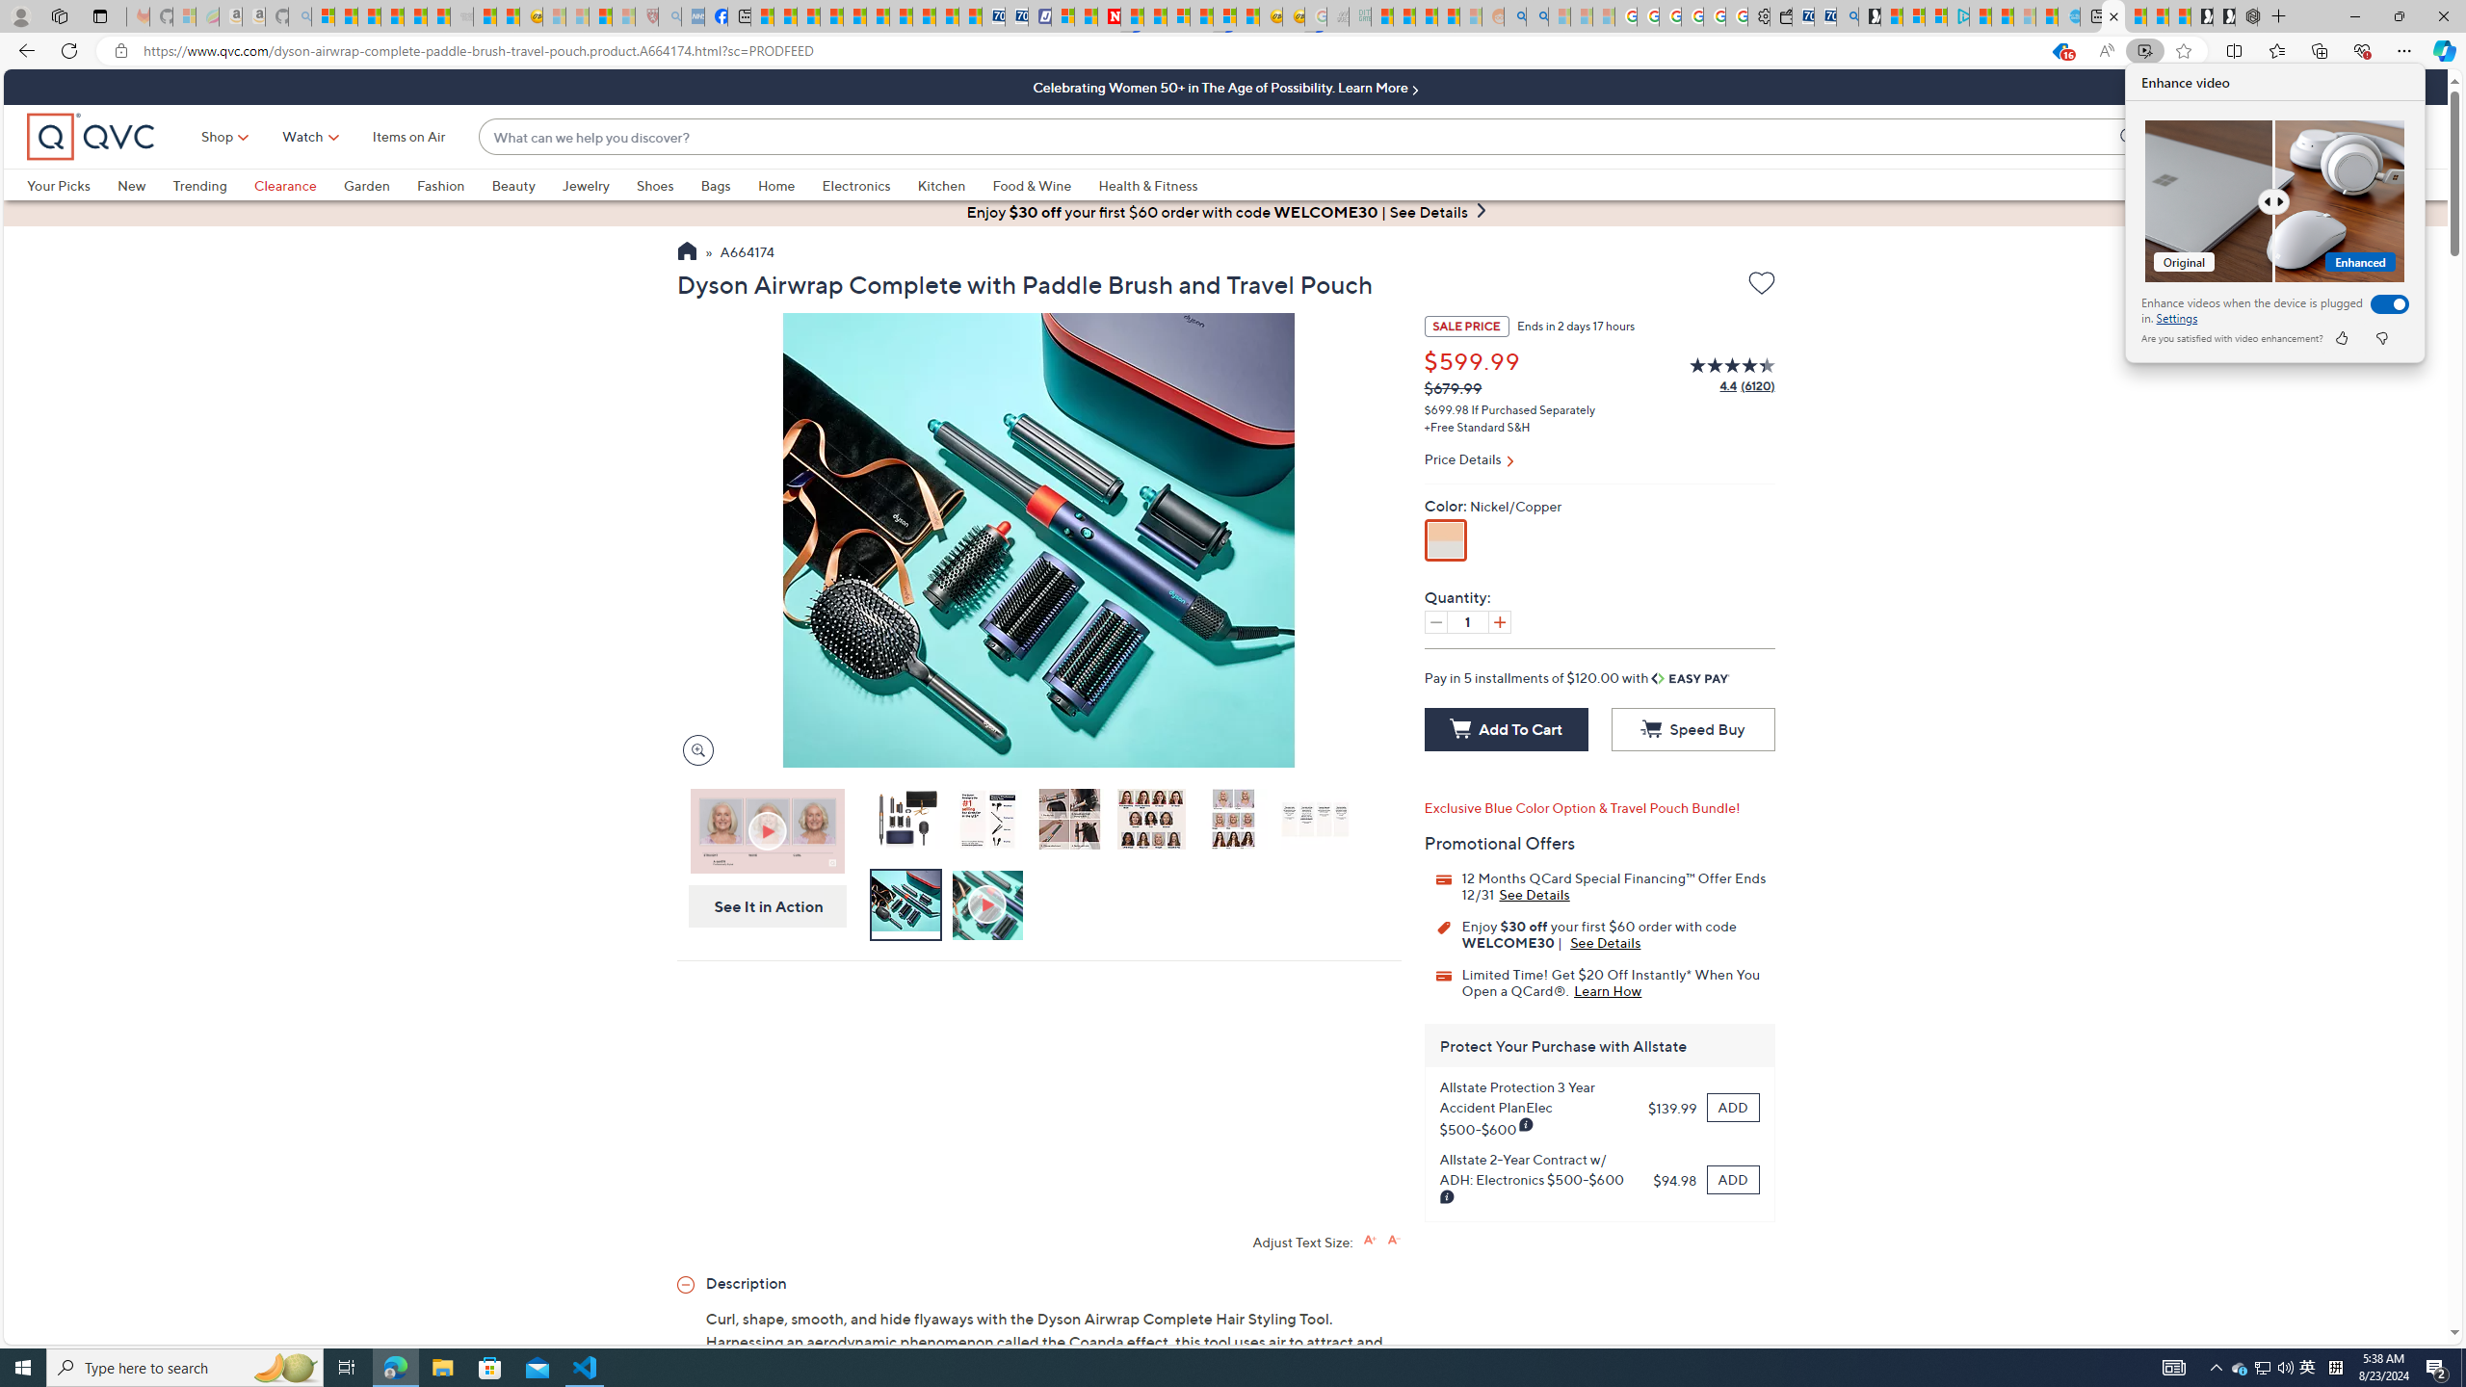 This screenshot has height=1387, width=2466. Describe the element at coordinates (380, 184) in the screenshot. I see `'Garden'` at that location.